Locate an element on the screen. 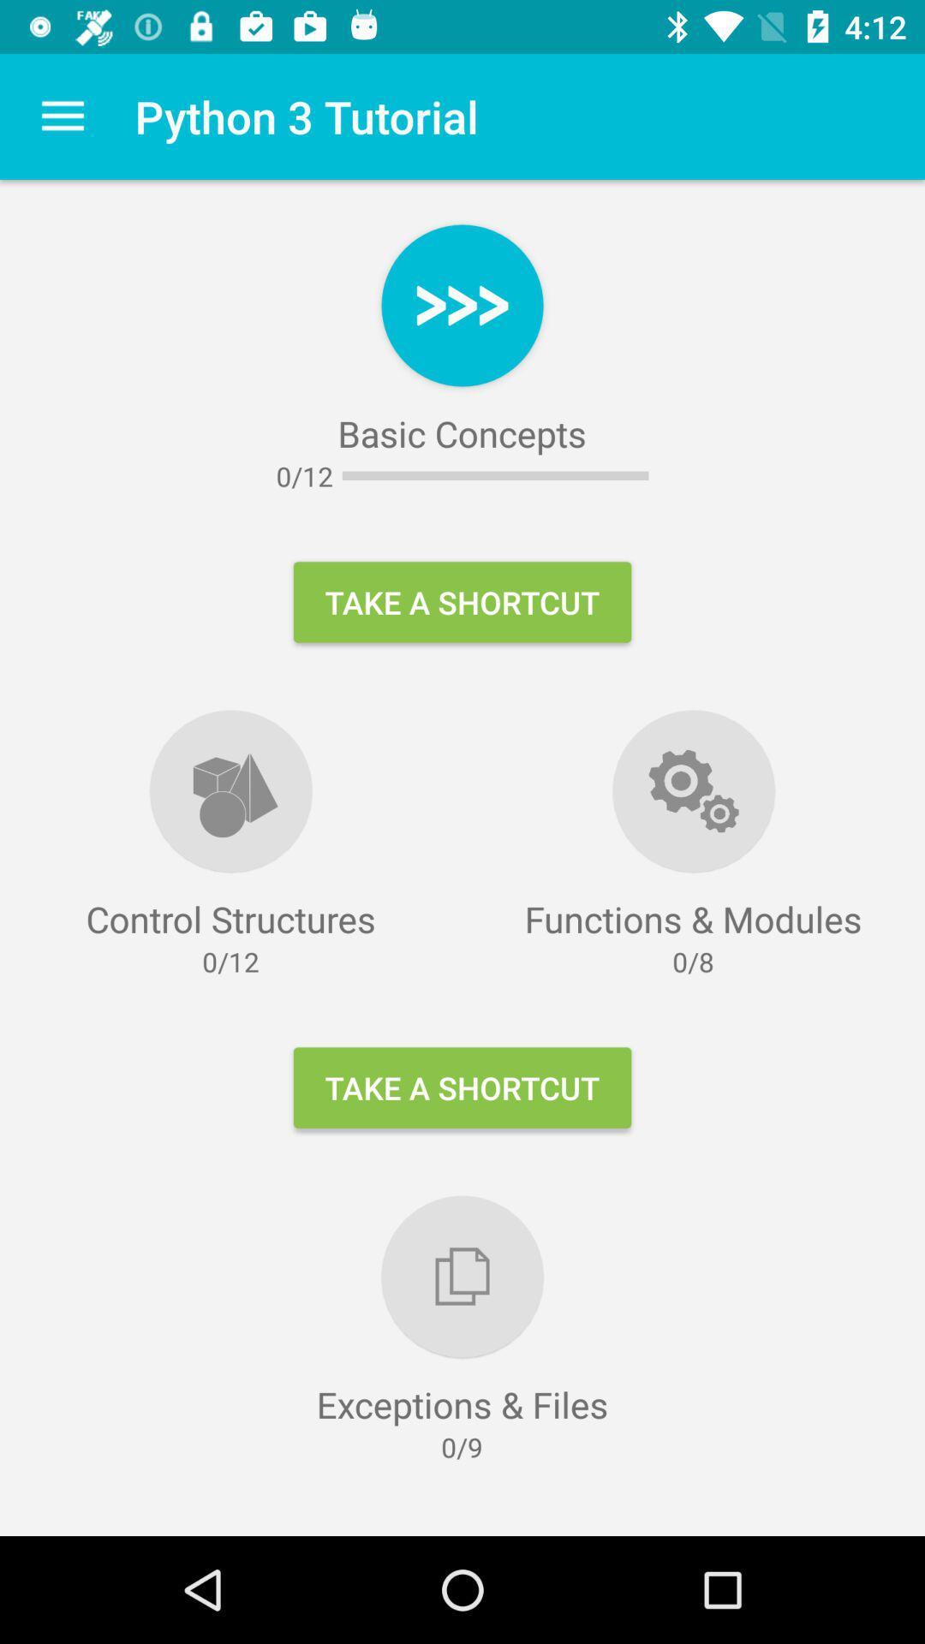 The width and height of the screenshot is (925, 1644). the symbol above control structures is located at coordinates (231, 790).